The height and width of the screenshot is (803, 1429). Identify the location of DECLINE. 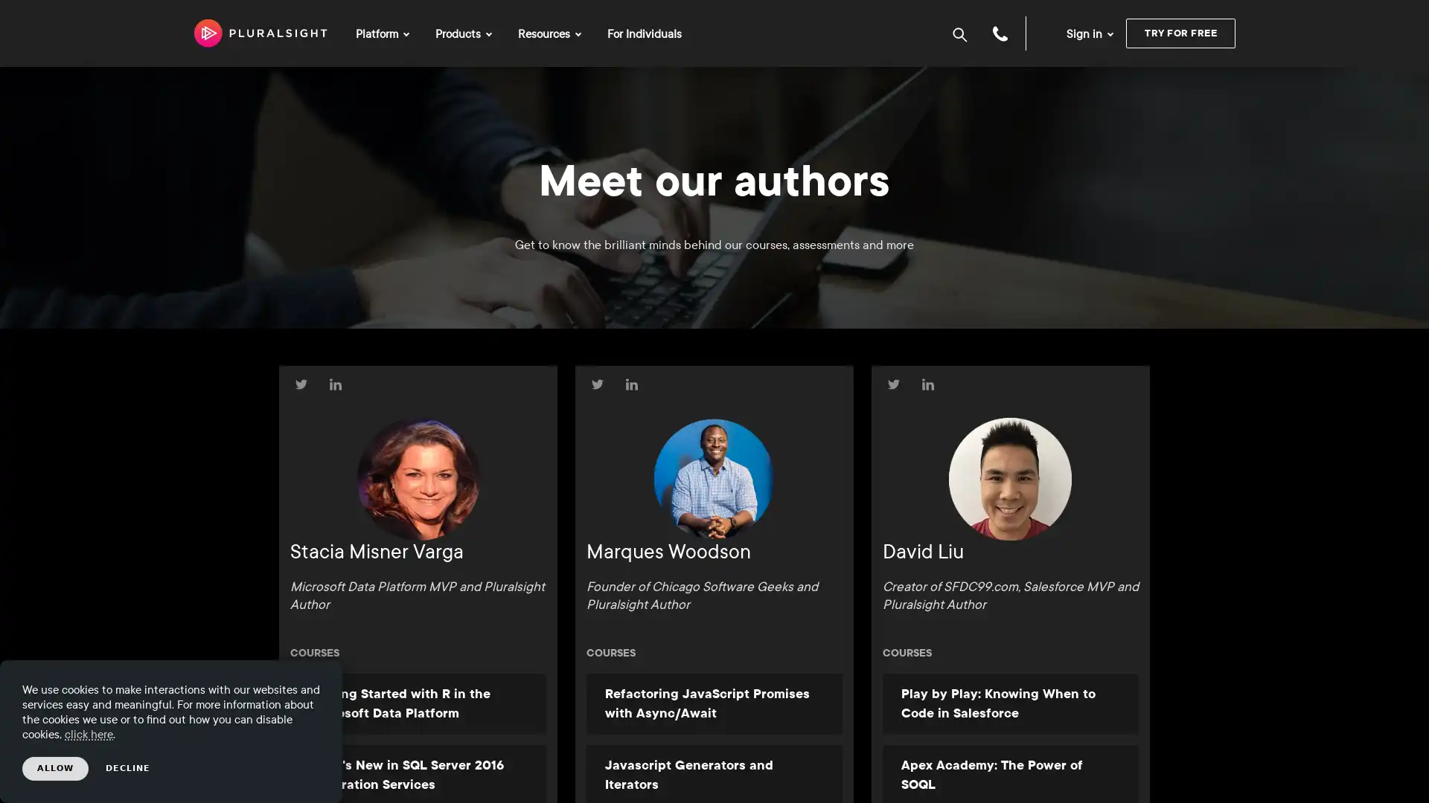
(128, 768).